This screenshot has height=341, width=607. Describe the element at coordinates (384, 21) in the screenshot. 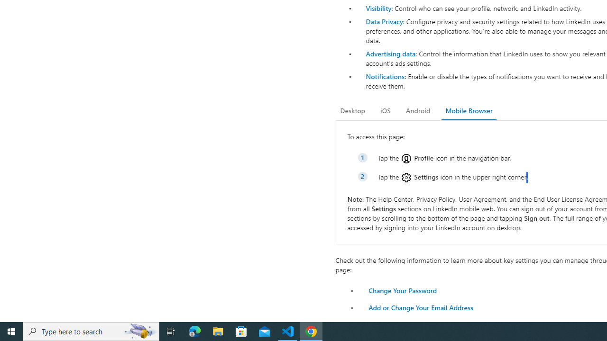

I see `'Data Privacy'` at that location.